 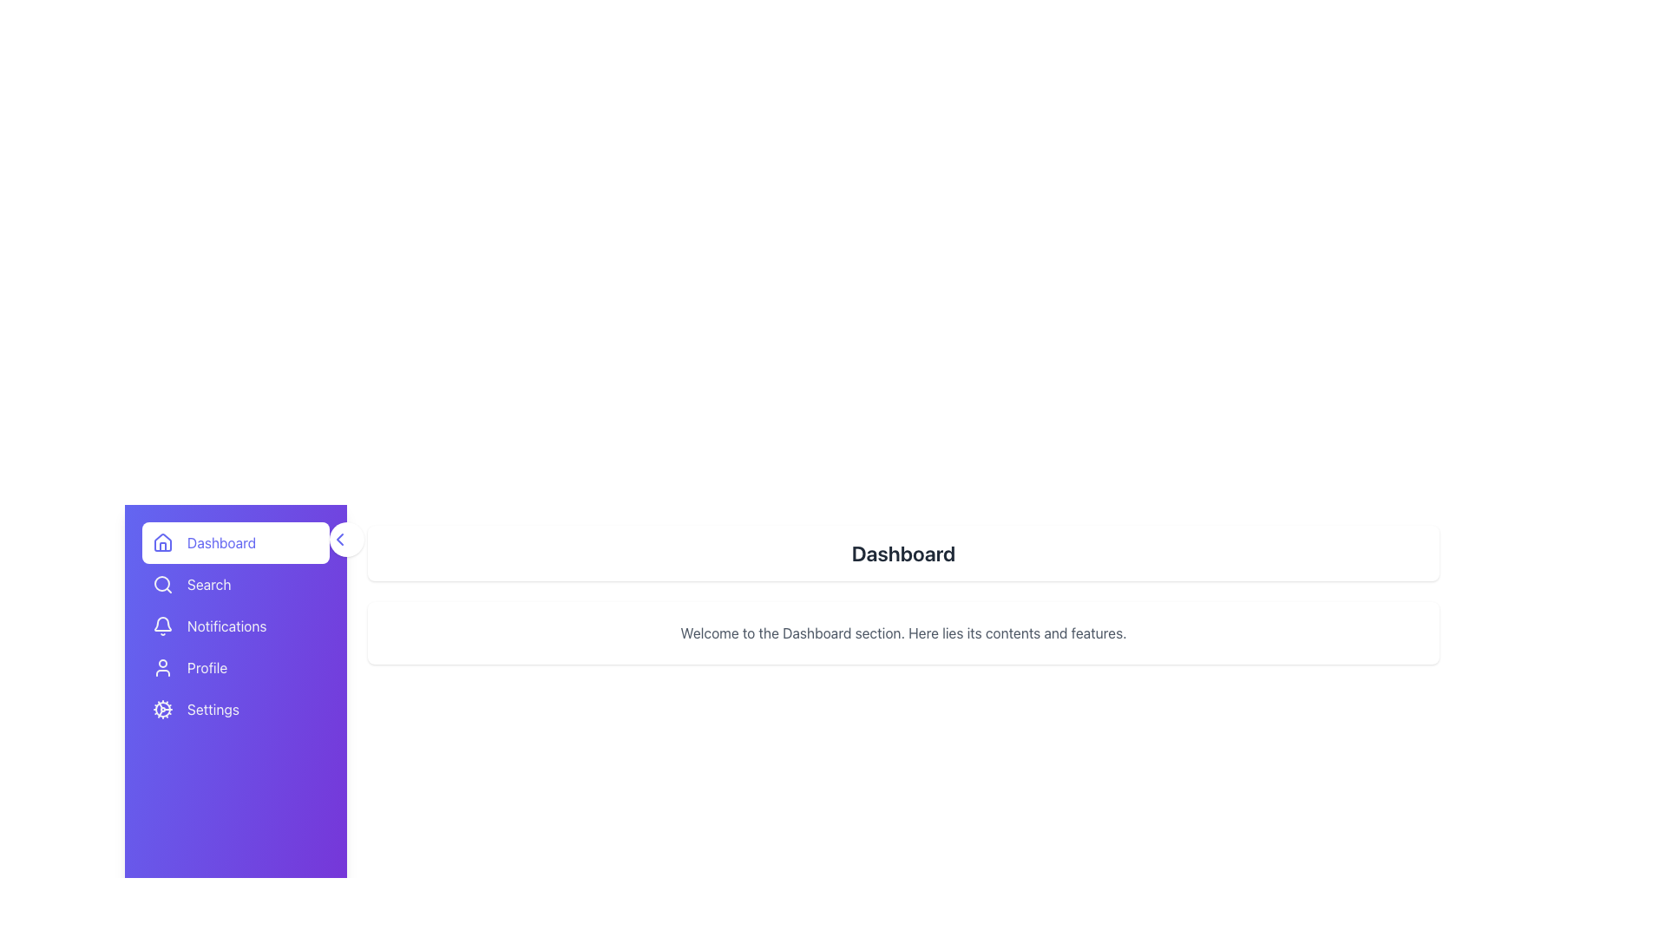 What do you see at coordinates (235, 626) in the screenshot?
I see `the notifications button located in the sidebar, which is the third item in the vertical list` at bounding box center [235, 626].